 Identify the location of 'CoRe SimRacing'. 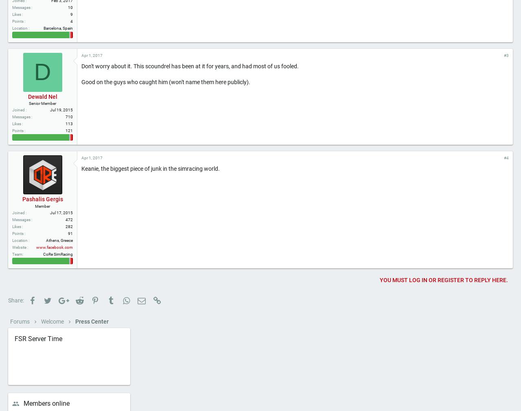
(57, 281).